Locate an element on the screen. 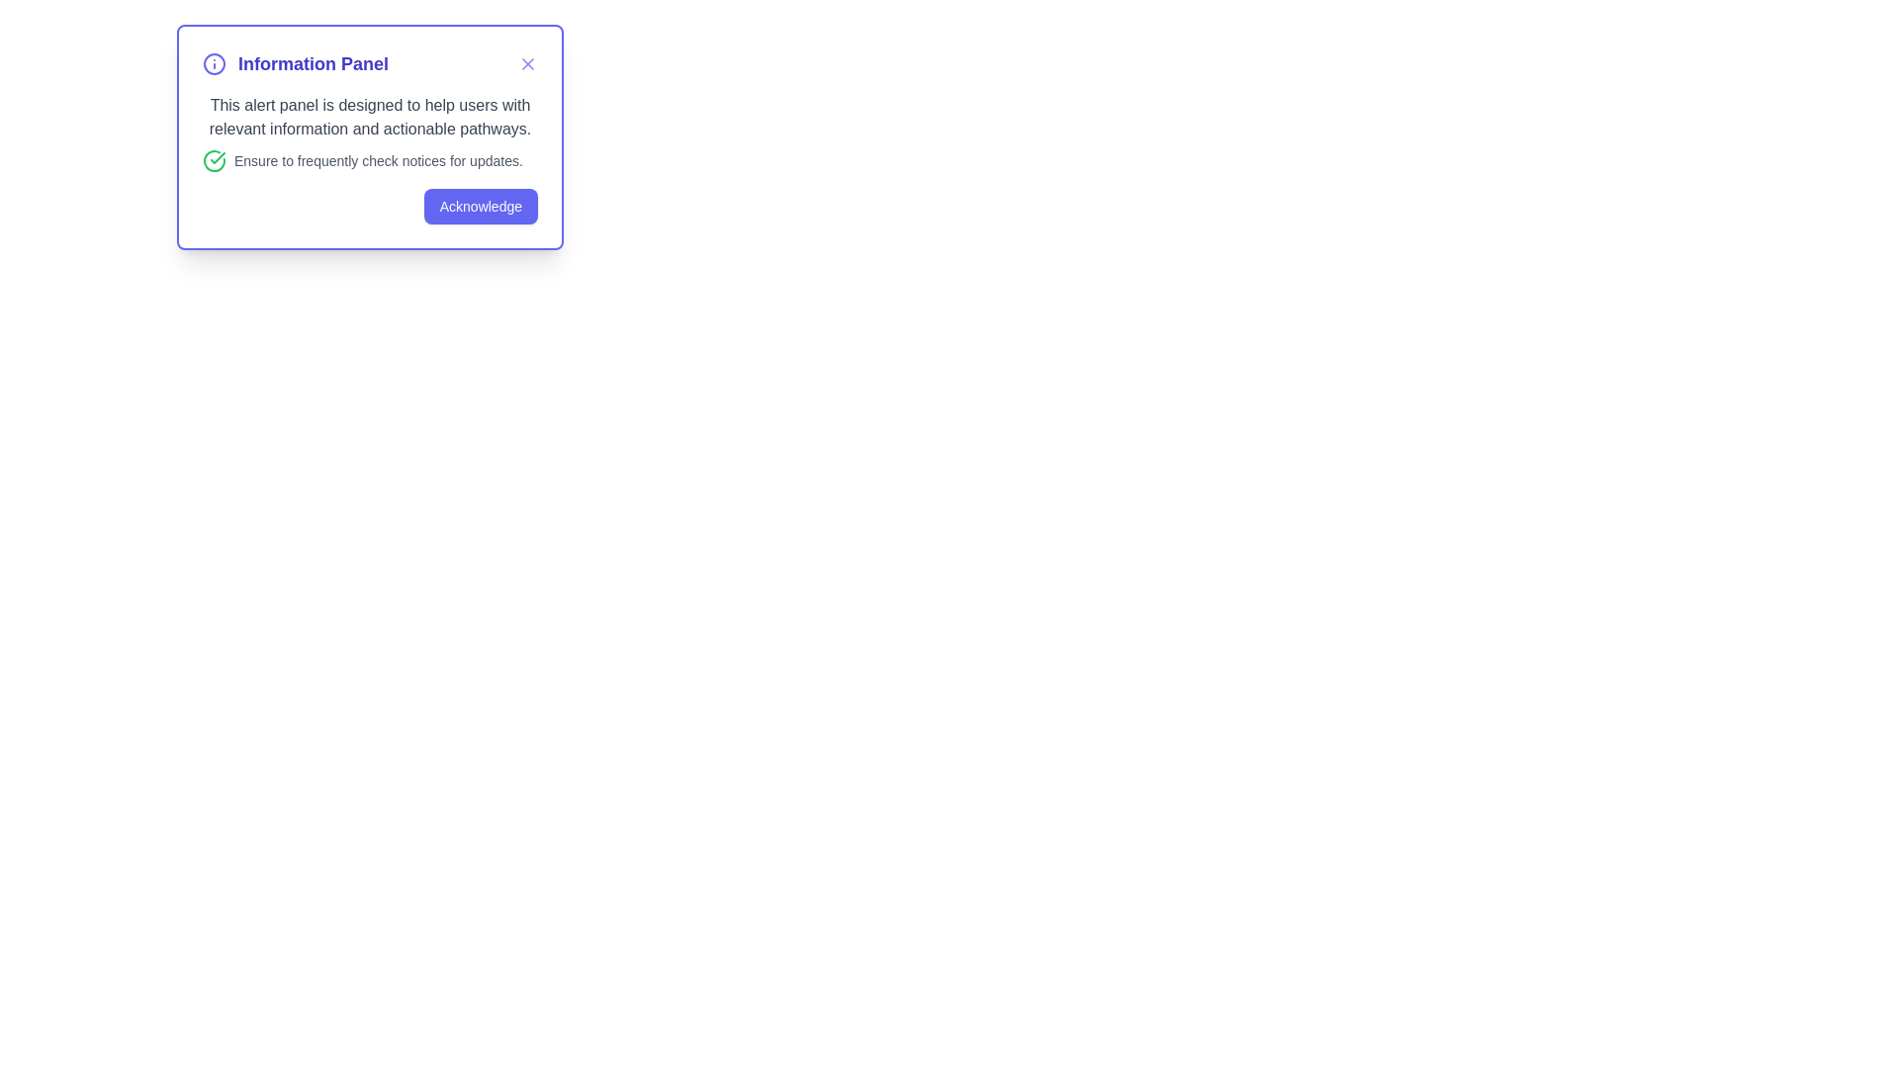 The width and height of the screenshot is (1899, 1068). the indigo circular SVG element that is part of the information icon located at the top-left corner of the dialog box, adjacent to the 'Information Panel' title is located at coordinates (214, 63).